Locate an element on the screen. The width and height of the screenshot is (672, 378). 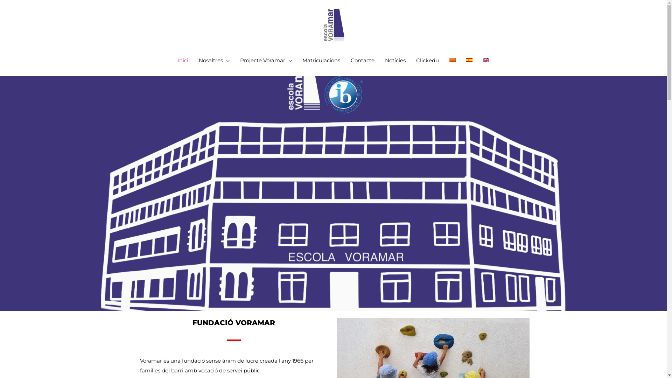
'Projecte Voramar' is located at coordinates (265, 60).